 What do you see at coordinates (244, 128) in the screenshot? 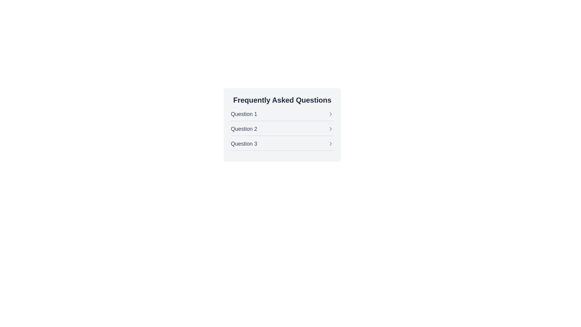
I see `the text label reading 'Question 2' in the FAQ list` at bounding box center [244, 128].